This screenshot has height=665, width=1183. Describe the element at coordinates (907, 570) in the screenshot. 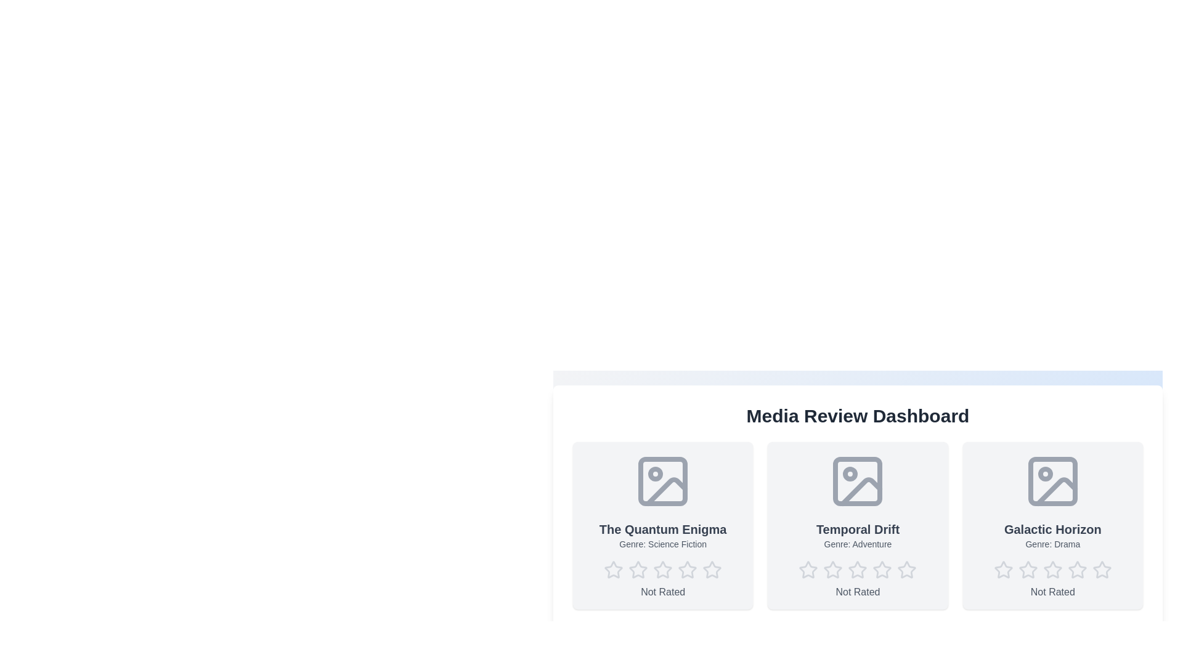

I see `the star corresponding to the desired rating 5 for the media item Temporal Drift` at that location.